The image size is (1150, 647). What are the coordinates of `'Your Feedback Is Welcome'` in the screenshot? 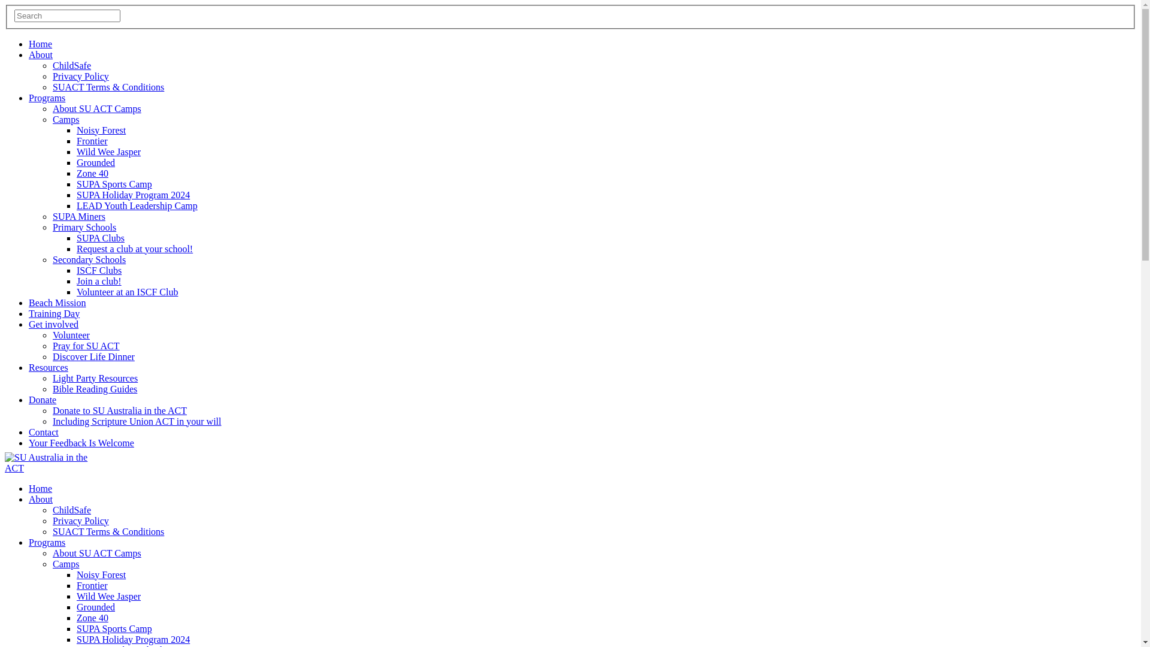 It's located at (80, 443).